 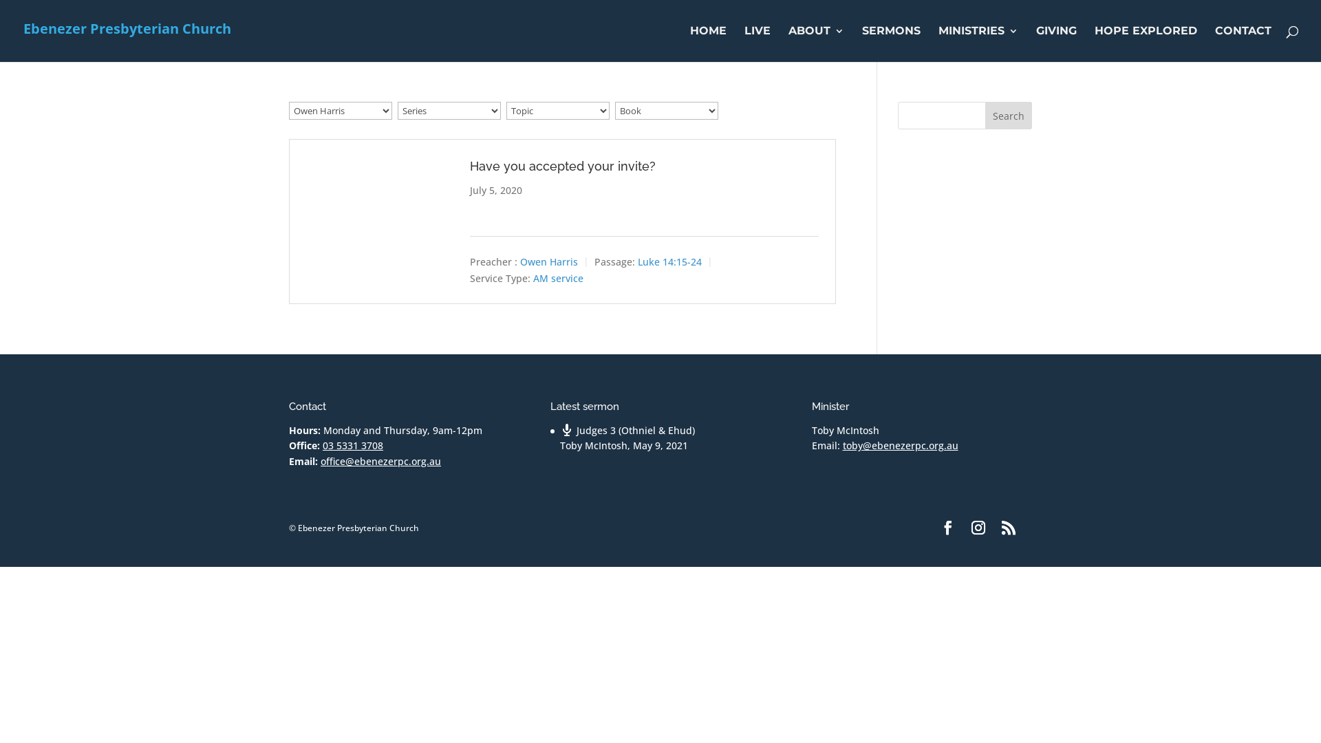 I want to click on 'Luke 14:15-24', so click(x=669, y=261).